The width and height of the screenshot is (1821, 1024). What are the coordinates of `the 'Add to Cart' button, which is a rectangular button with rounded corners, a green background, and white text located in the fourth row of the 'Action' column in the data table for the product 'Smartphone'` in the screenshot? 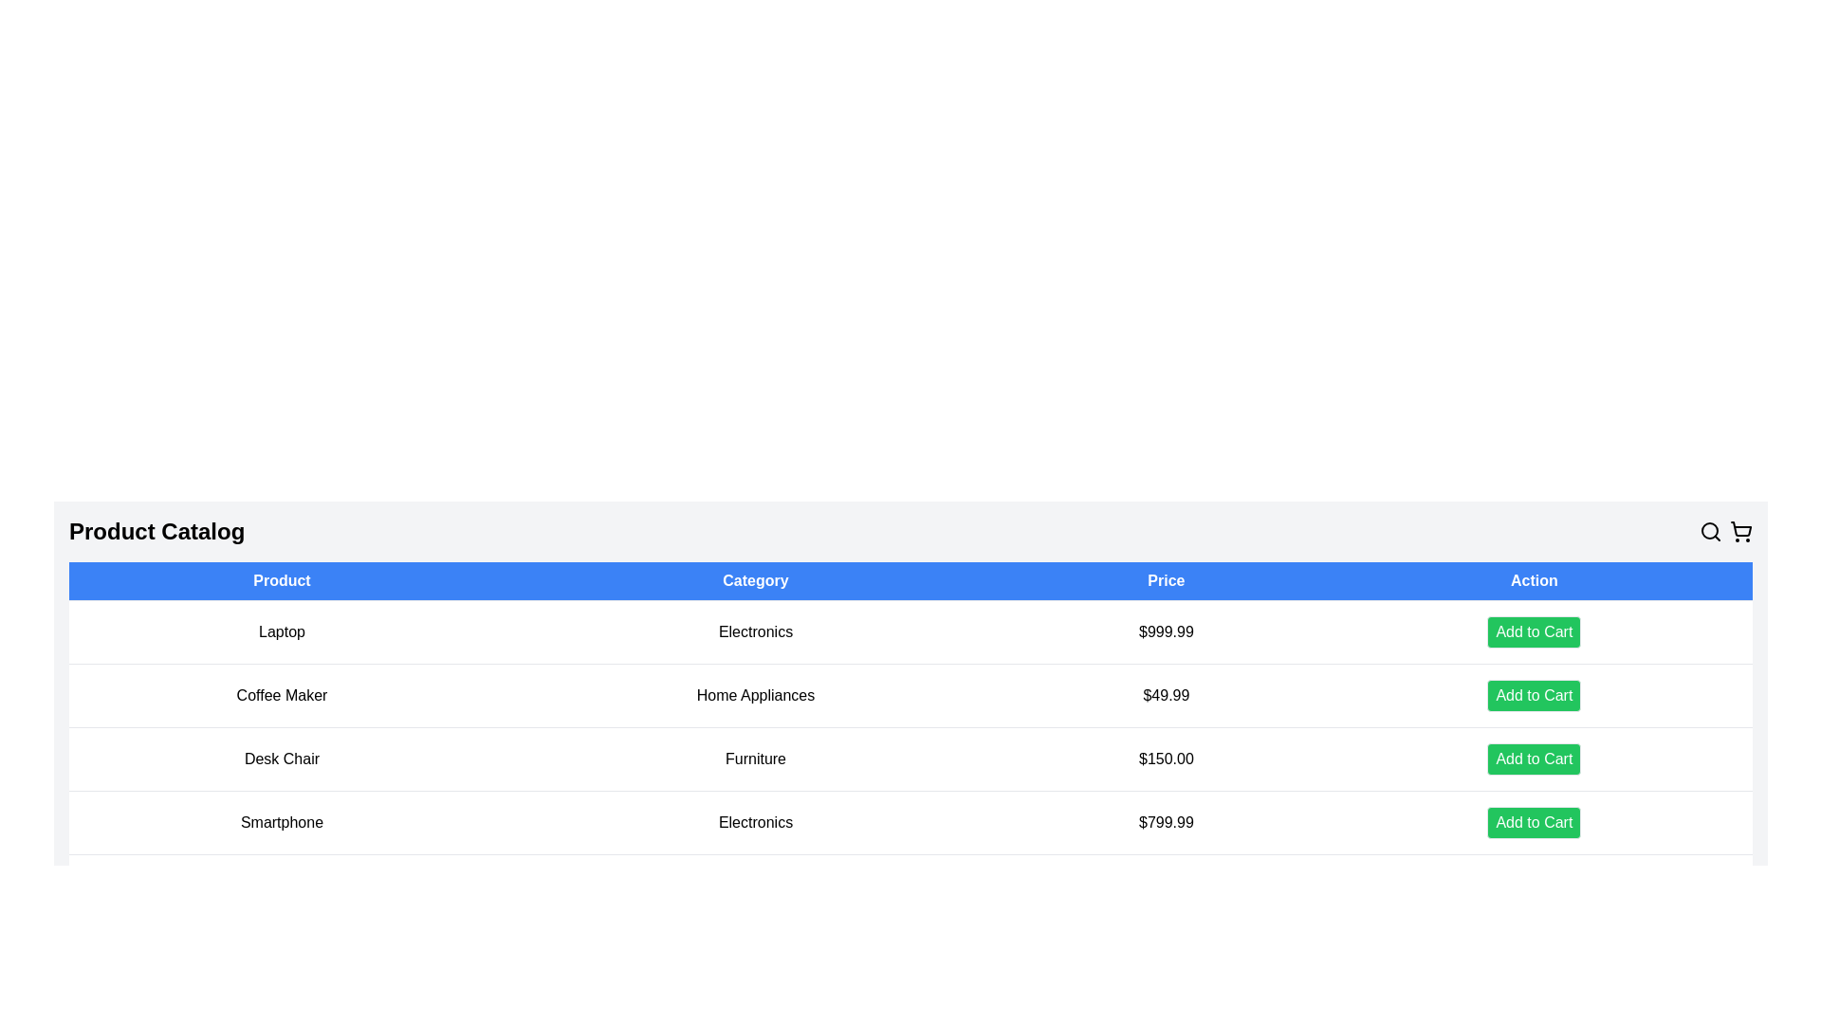 It's located at (1534, 821).